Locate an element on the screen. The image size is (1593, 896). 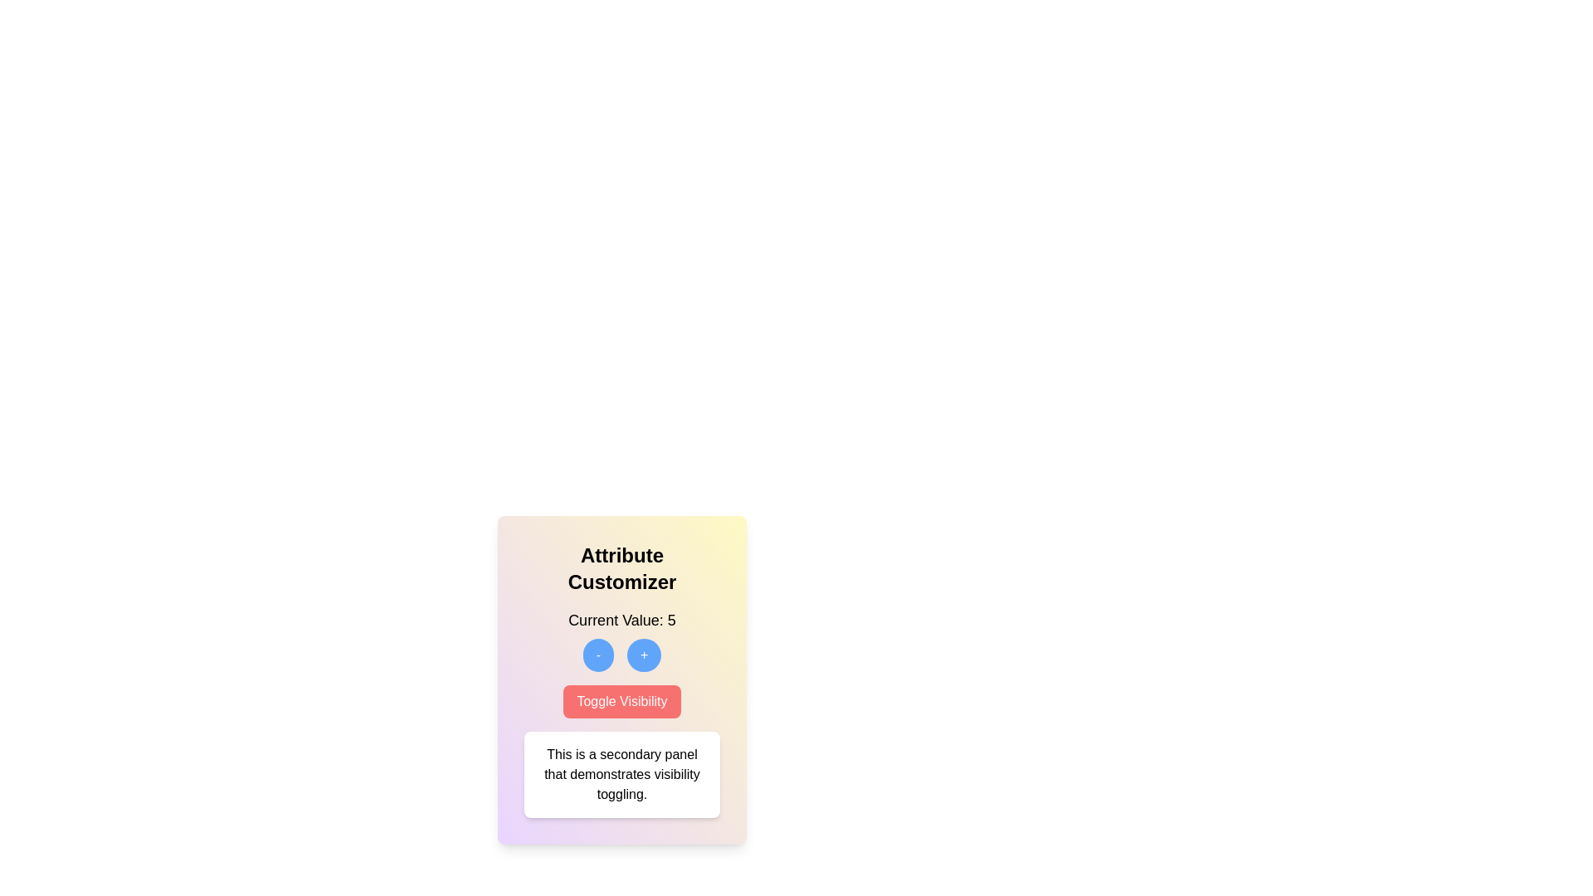
the Text label that displays the current value of the setting, located below the title 'Attribute Customizer' and above the control buttons '-' and '+' is located at coordinates (621, 621).